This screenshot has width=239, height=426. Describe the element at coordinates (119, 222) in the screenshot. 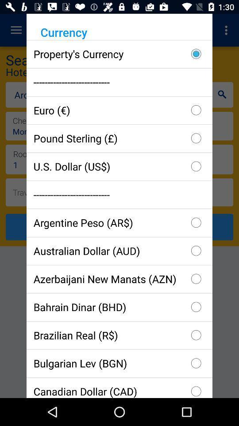

I see `the checkbox below the --------------------------- icon` at that location.